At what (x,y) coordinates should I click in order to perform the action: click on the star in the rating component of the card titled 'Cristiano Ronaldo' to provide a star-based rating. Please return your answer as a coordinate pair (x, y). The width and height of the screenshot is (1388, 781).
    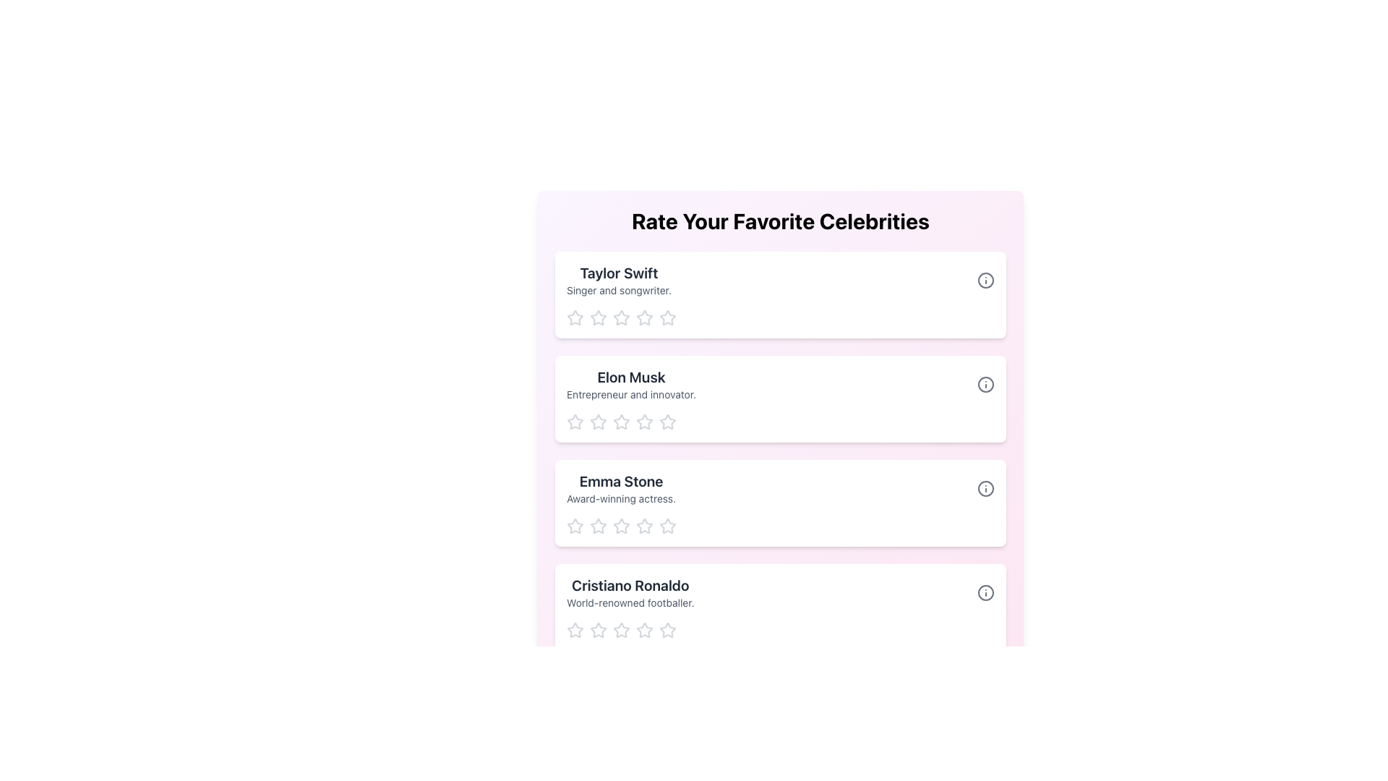
    Looking at the image, I should click on (780, 624).